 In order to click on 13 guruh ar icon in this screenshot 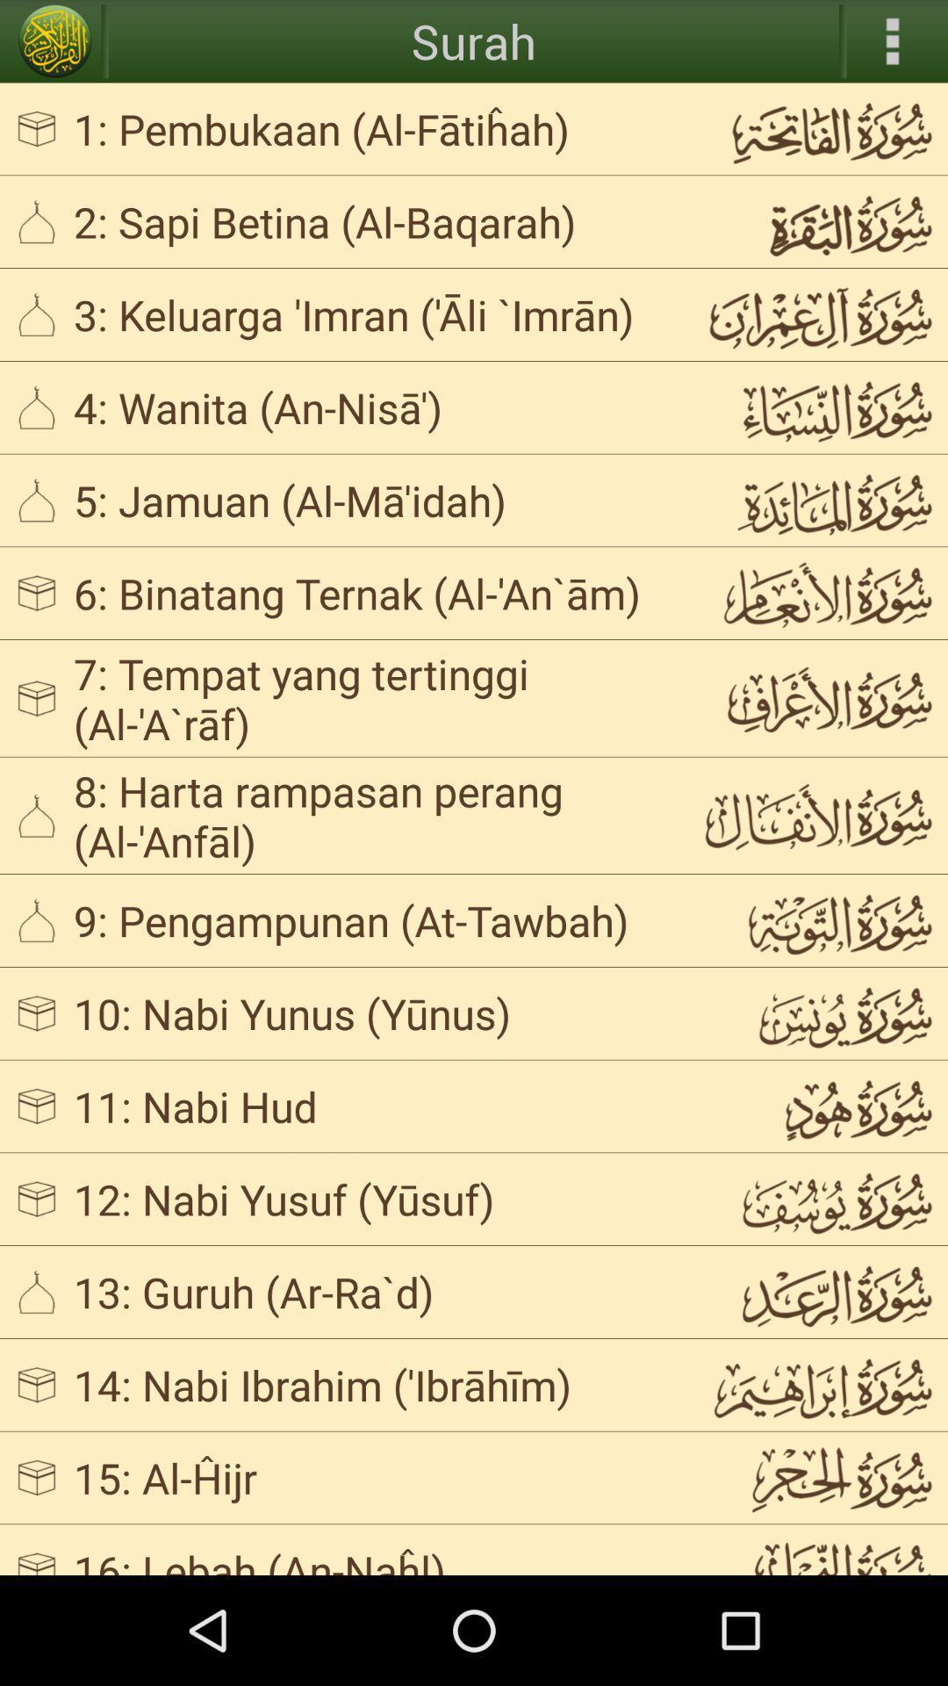, I will do `click(372, 1292)`.